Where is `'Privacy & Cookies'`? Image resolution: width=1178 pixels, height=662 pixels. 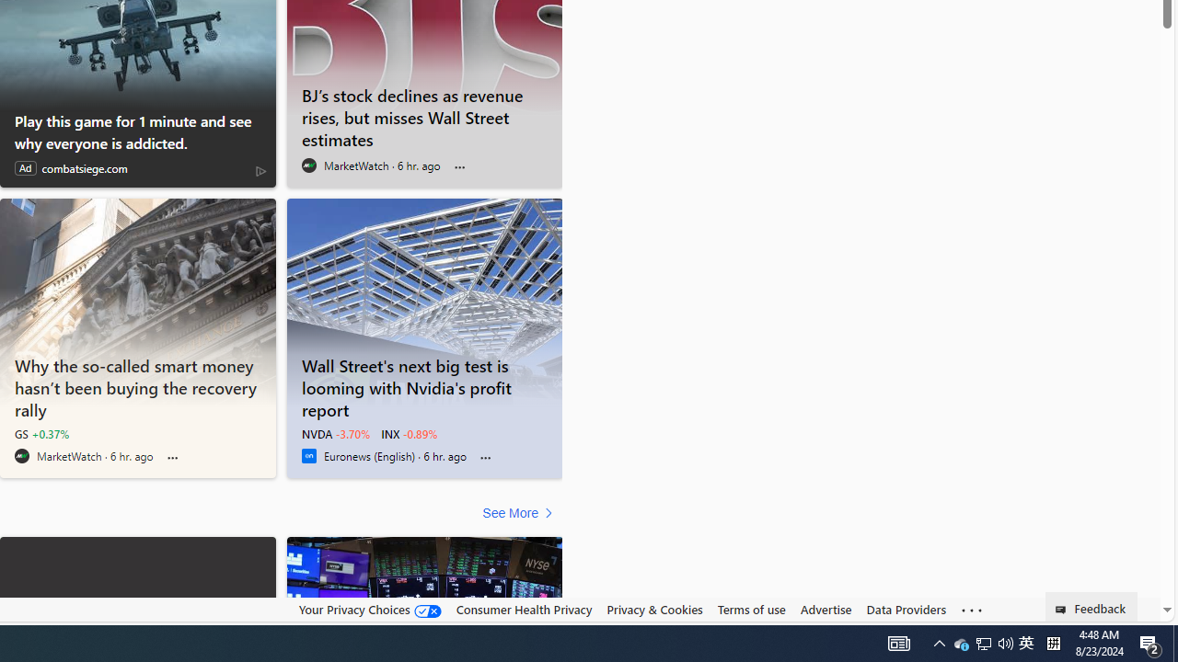 'Privacy & Cookies' is located at coordinates (654, 609).